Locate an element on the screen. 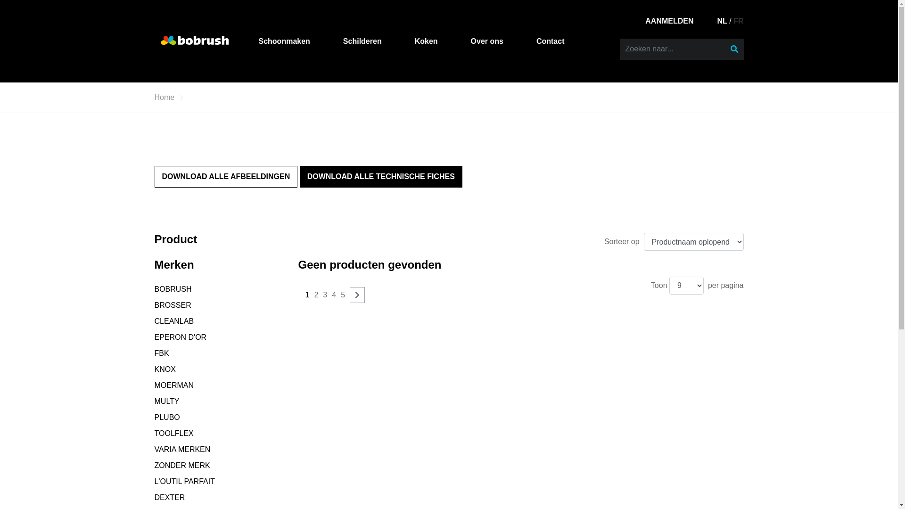 Image resolution: width=905 pixels, height=509 pixels. '3' is located at coordinates (323, 294).